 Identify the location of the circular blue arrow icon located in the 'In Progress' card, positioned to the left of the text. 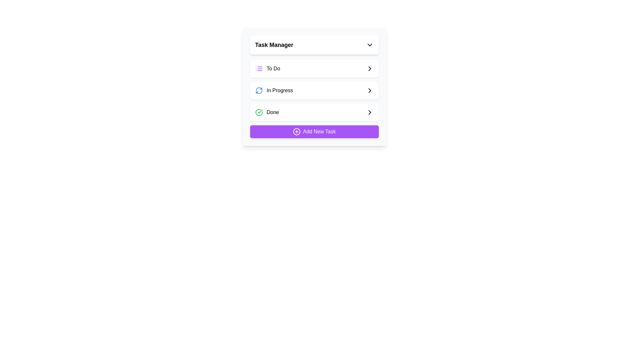
(259, 90).